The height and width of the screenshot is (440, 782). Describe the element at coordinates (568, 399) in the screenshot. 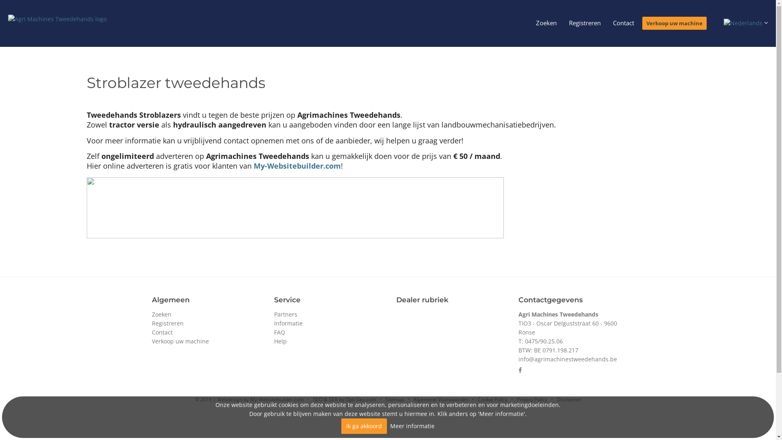

I see `'Disclaimer'` at that location.